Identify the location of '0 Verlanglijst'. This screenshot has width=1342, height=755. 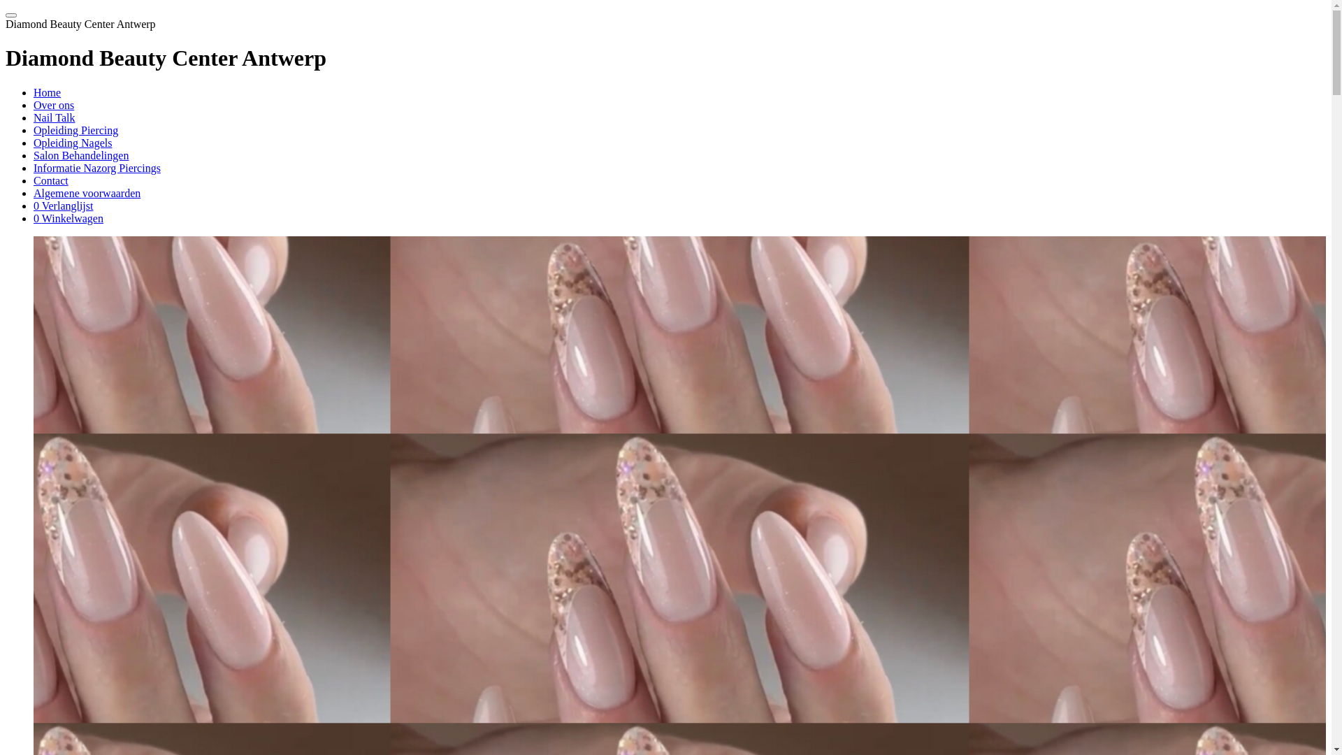
(62, 206).